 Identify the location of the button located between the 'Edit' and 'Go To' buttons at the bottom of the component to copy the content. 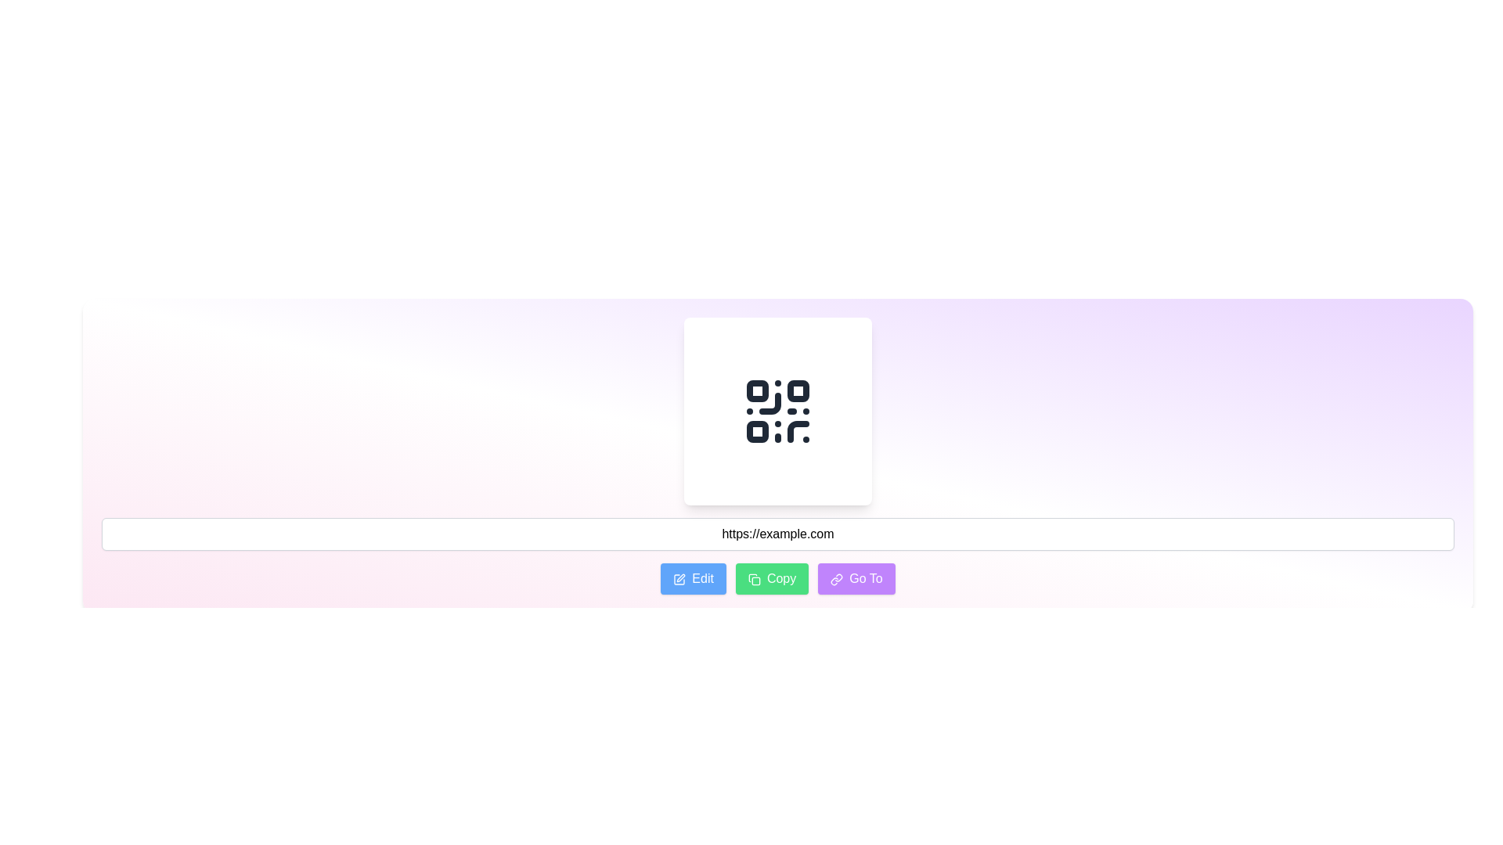
(777, 579).